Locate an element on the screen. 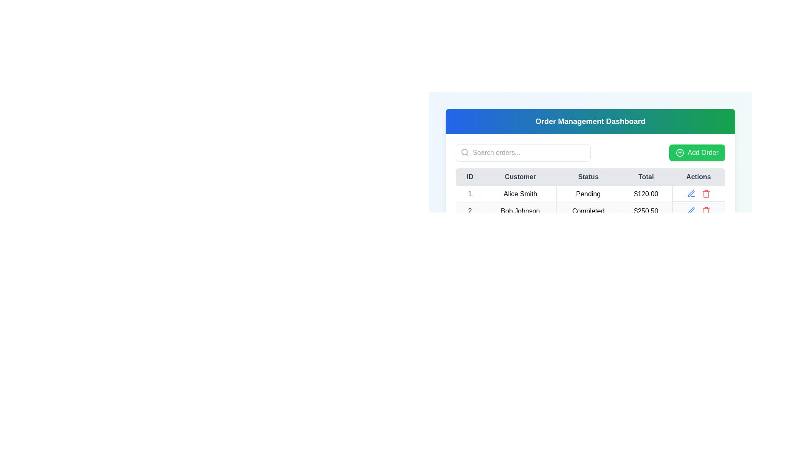  the 'Completed' label in the 'Status' column of the table for 'Bob Johnson' is located at coordinates (588, 210).